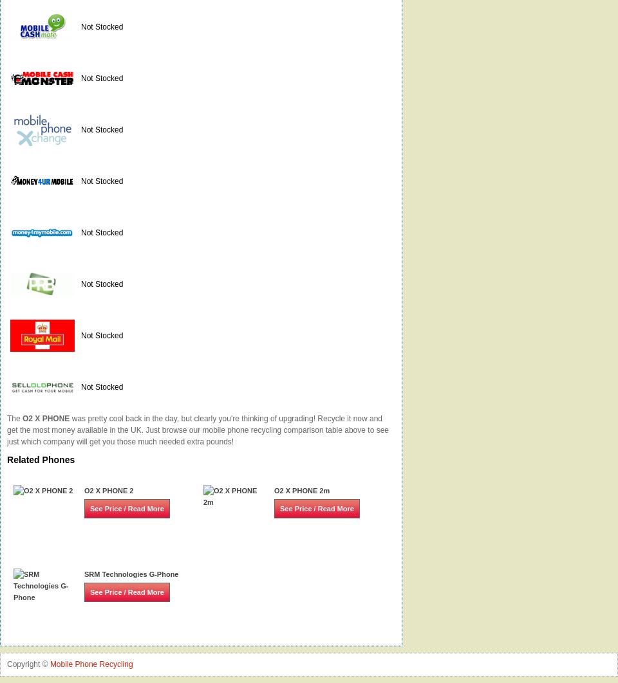  Describe the element at coordinates (131, 574) in the screenshot. I see `'SRM Technologies G-Phone'` at that location.